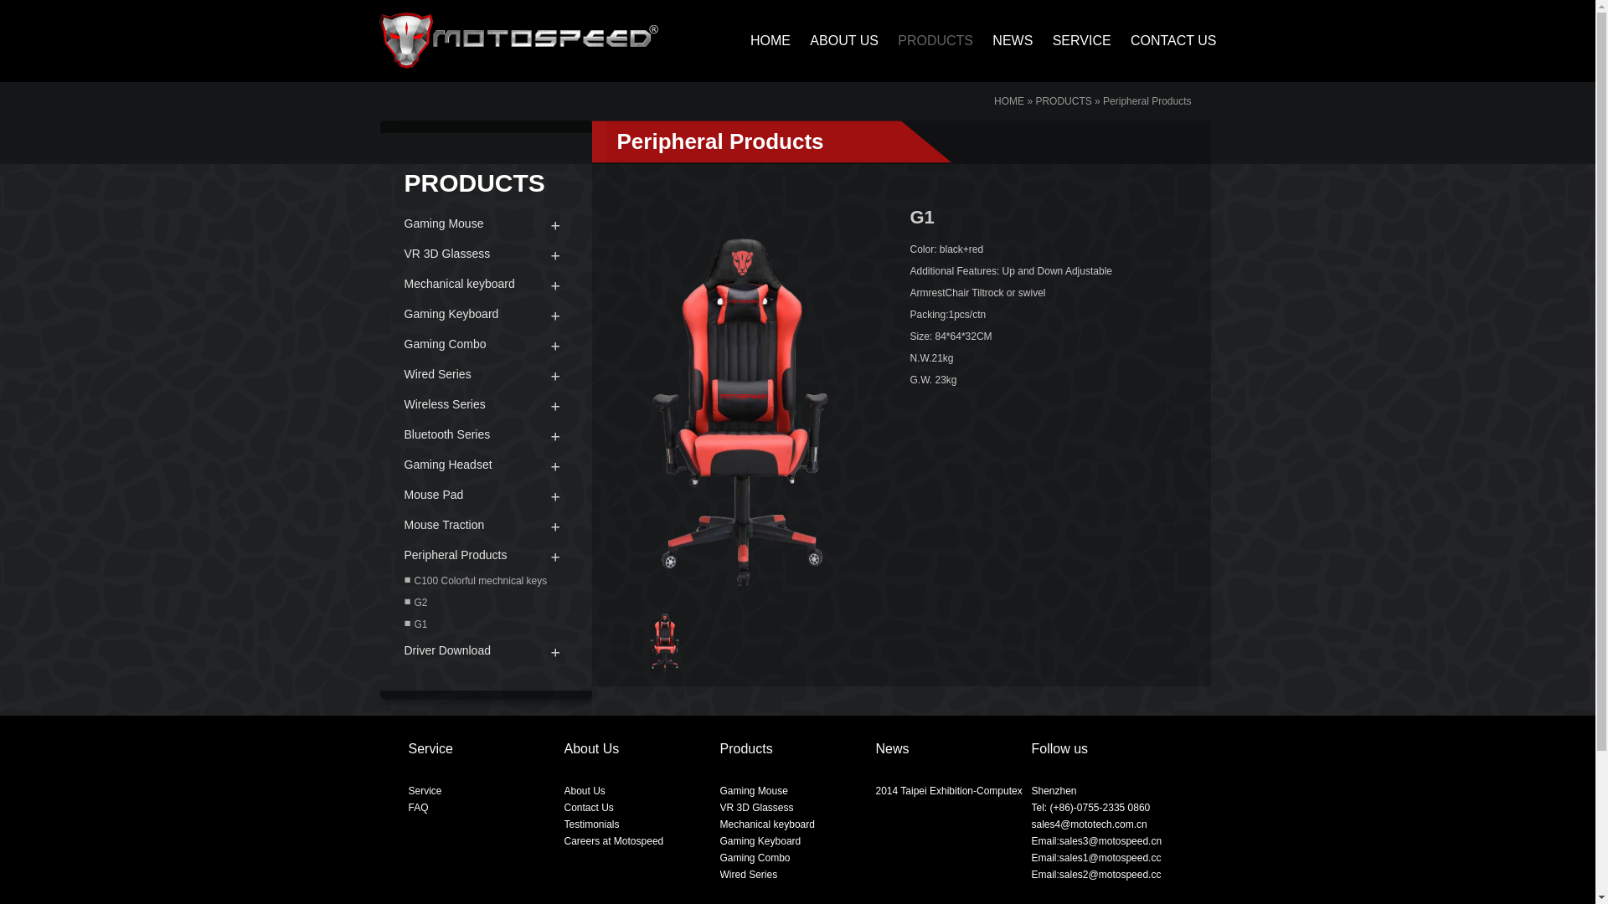 This screenshot has width=1608, height=904. I want to click on 'ABOUT US', so click(836, 39).